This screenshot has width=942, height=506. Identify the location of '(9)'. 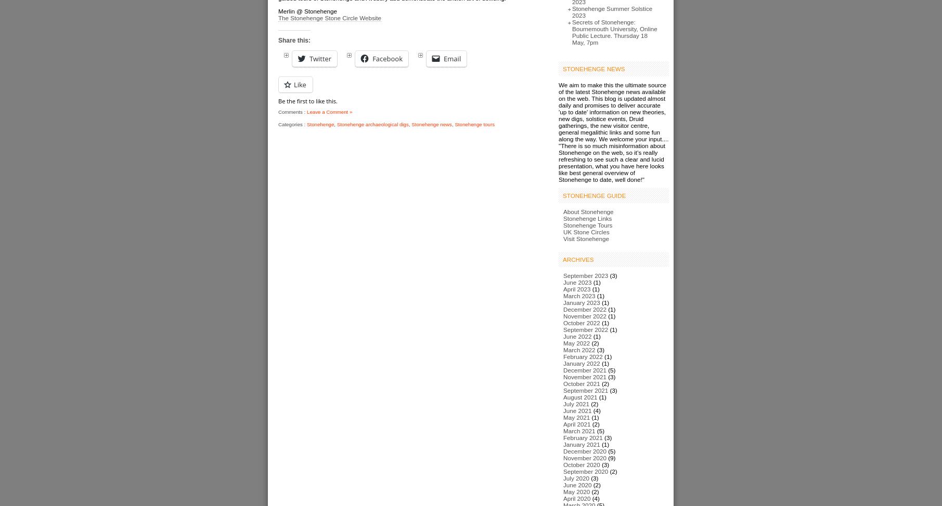
(610, 458).